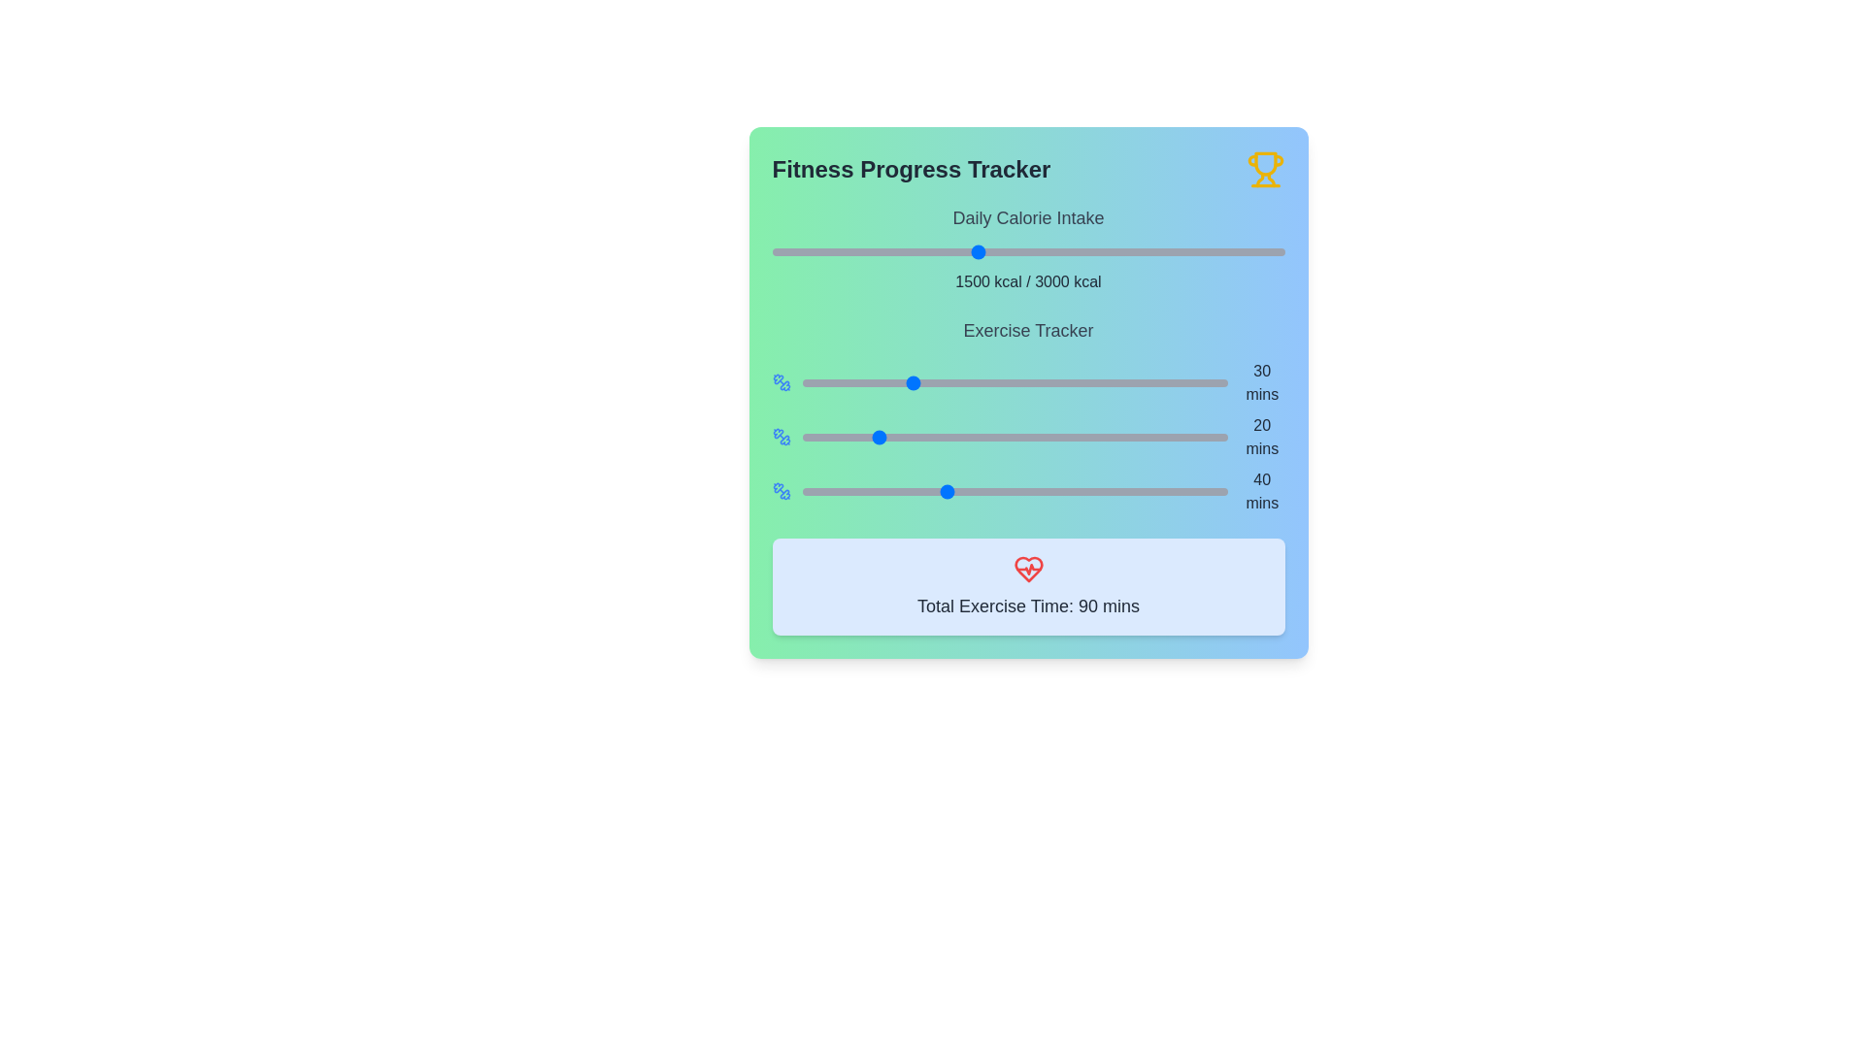  What do you see at coordinates (1118, 382) in the screenshot?
I see `the slider value` at bounding box center [1118, 382].